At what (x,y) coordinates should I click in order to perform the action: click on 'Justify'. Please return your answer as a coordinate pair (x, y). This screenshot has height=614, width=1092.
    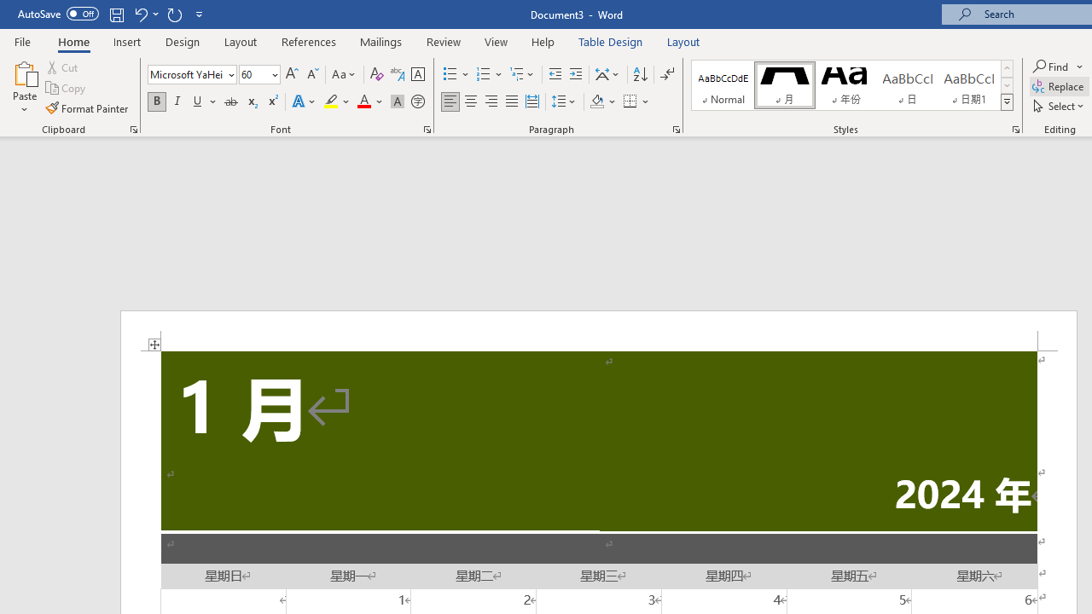
    Looking at the image, I should click on (510, 101).